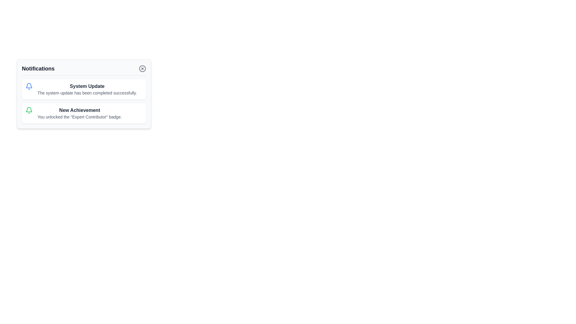 This screenshot has width=576, height=324. Describe the element at coordinates (79, 117) in the screenshot. I see `the notification message text that informs the user of achieving the 'Expert Contributor' badge, located below the heading 'New Achievement' in the second notification card under the 'Notifications' section` at that location.